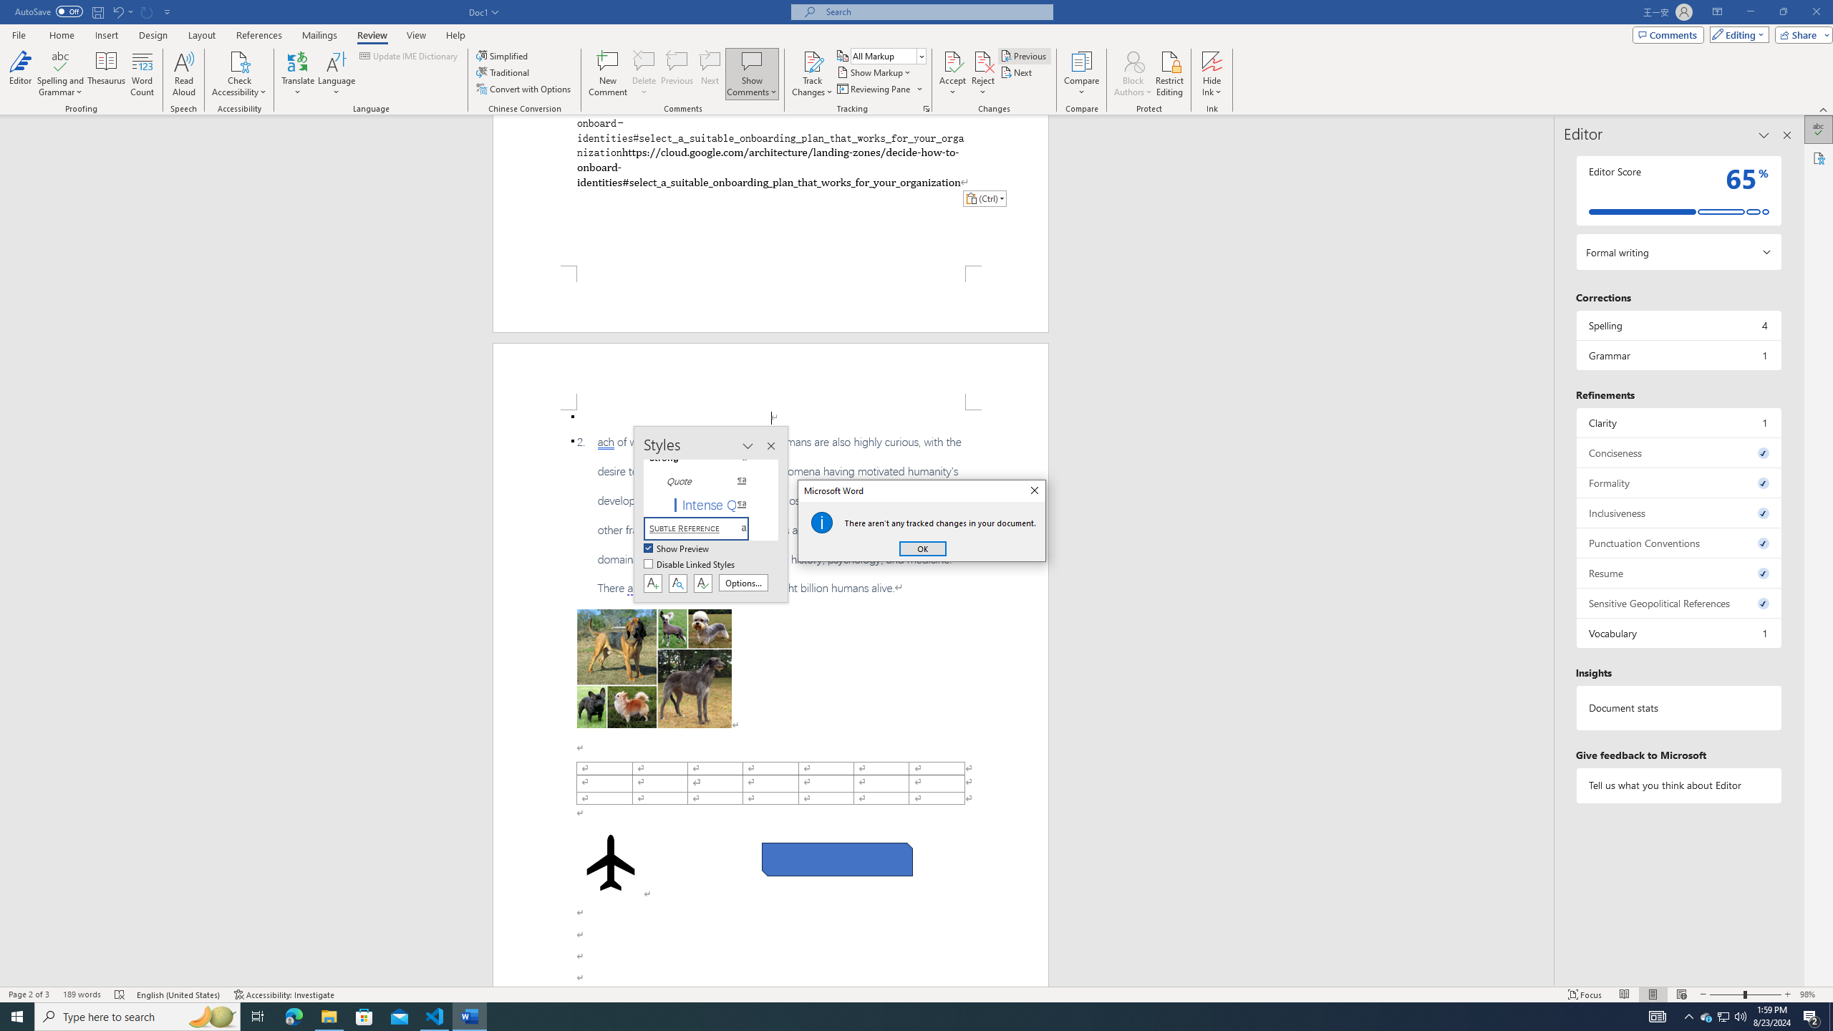 This screenshot has width=1833, height=1031. What do you see at coordinates (1170, 74) in the screenshot?
I see `'Restrict Editing'` at bounding box center [1170, 74].